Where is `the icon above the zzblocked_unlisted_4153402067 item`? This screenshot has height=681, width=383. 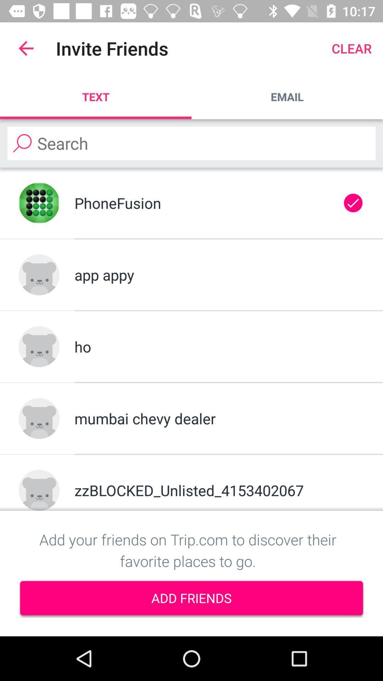 the icon above the zzblocked_unlisted_4153402067 item is located at coordinates (219, 418).